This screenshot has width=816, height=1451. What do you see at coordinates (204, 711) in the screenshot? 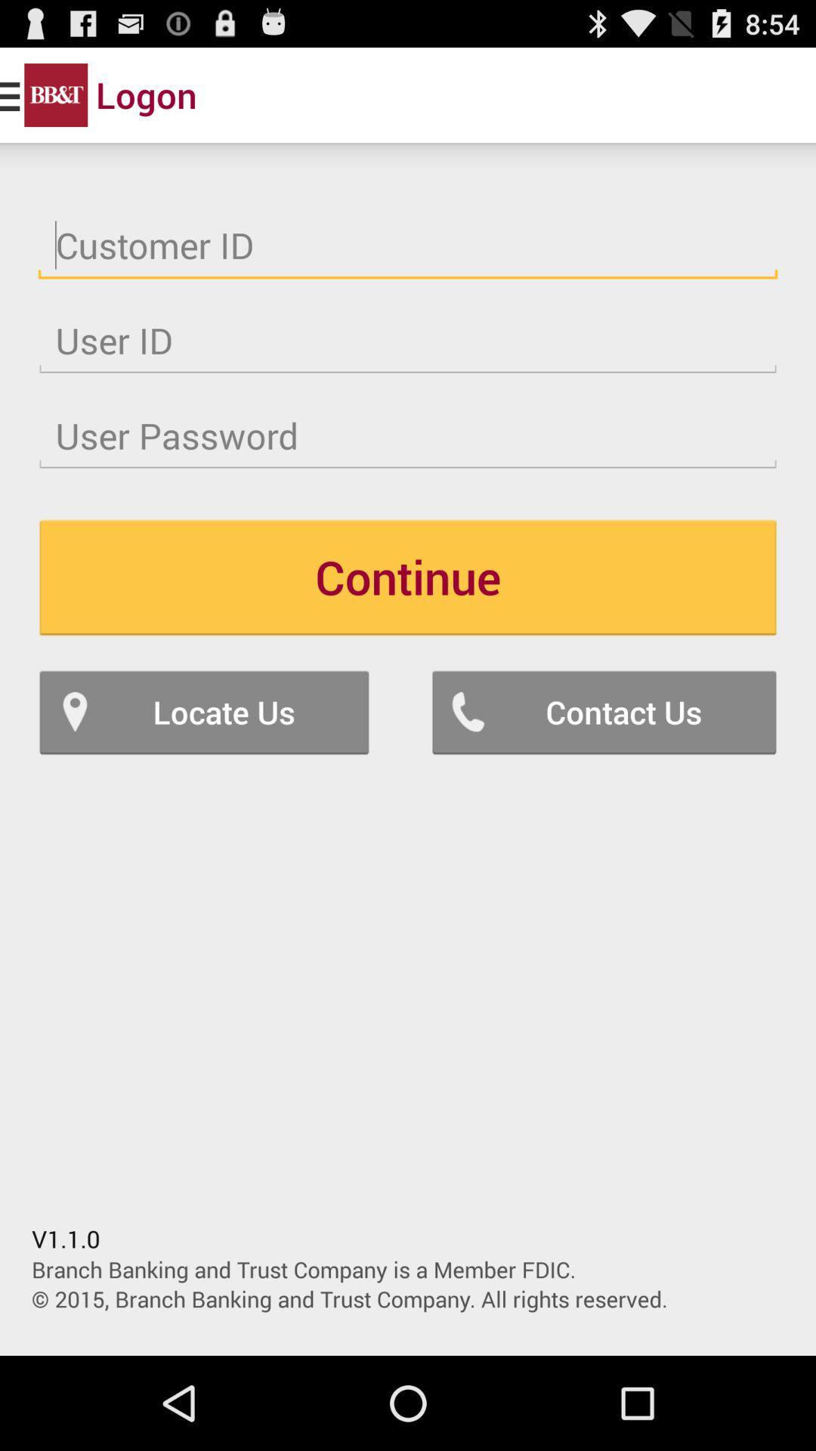
I see `the icon above v1.1.0` at bounding box center [204, 711].